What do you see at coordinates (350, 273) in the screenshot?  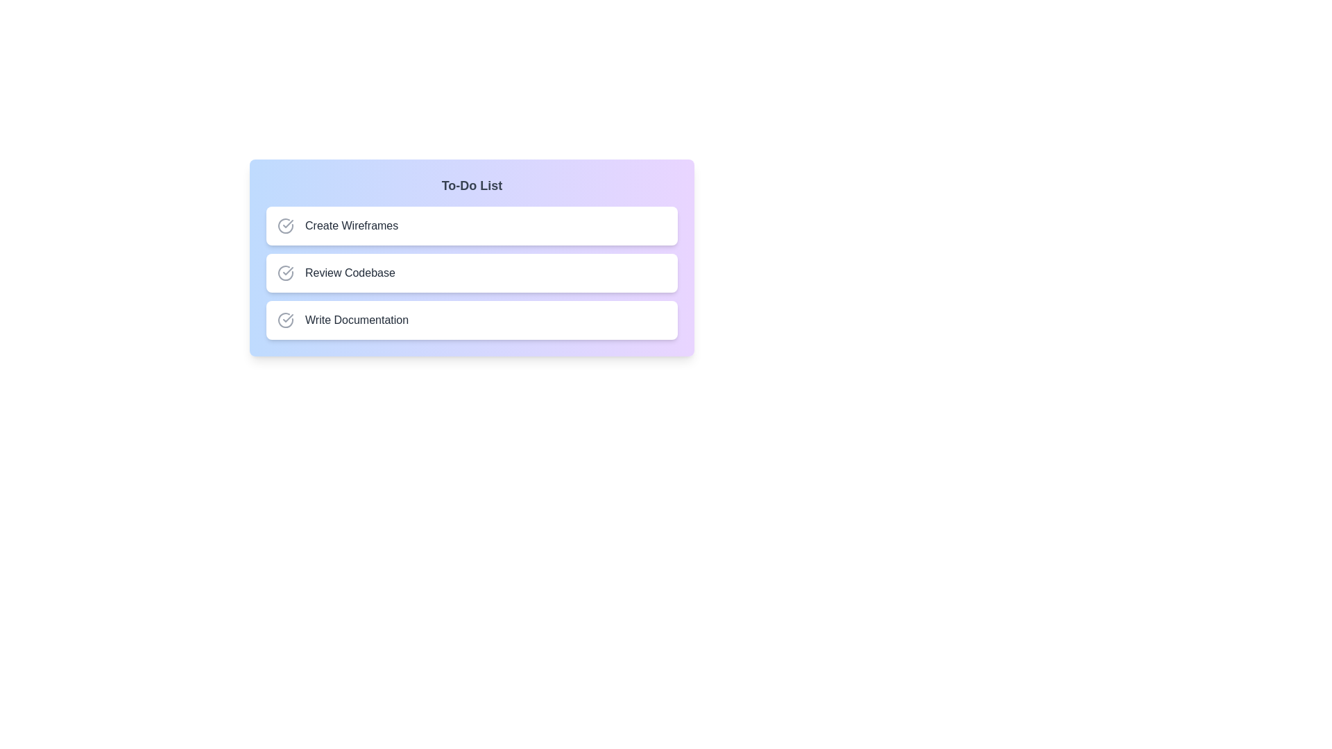 I see `the task Review Codebase by clicking on its text` at bounding box center [350, 273].